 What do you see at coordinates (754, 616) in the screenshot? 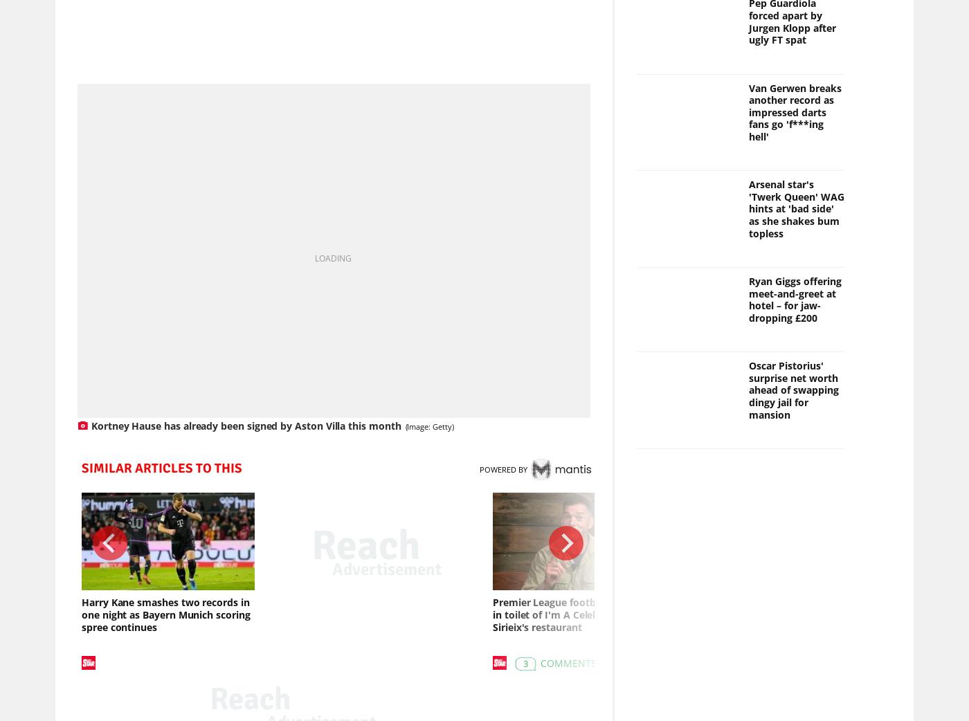
I see `'Pep Guardiola's bizarre pronunciation of Liverpool star dubbed 'absolutely mental''` at bounding box center [754, 616].